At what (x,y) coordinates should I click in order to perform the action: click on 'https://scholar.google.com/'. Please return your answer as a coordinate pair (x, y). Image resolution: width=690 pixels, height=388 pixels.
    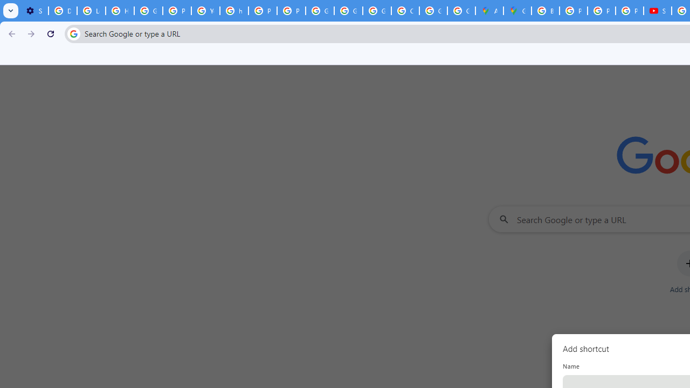
    Looking at the image, I should click on (233, 11).